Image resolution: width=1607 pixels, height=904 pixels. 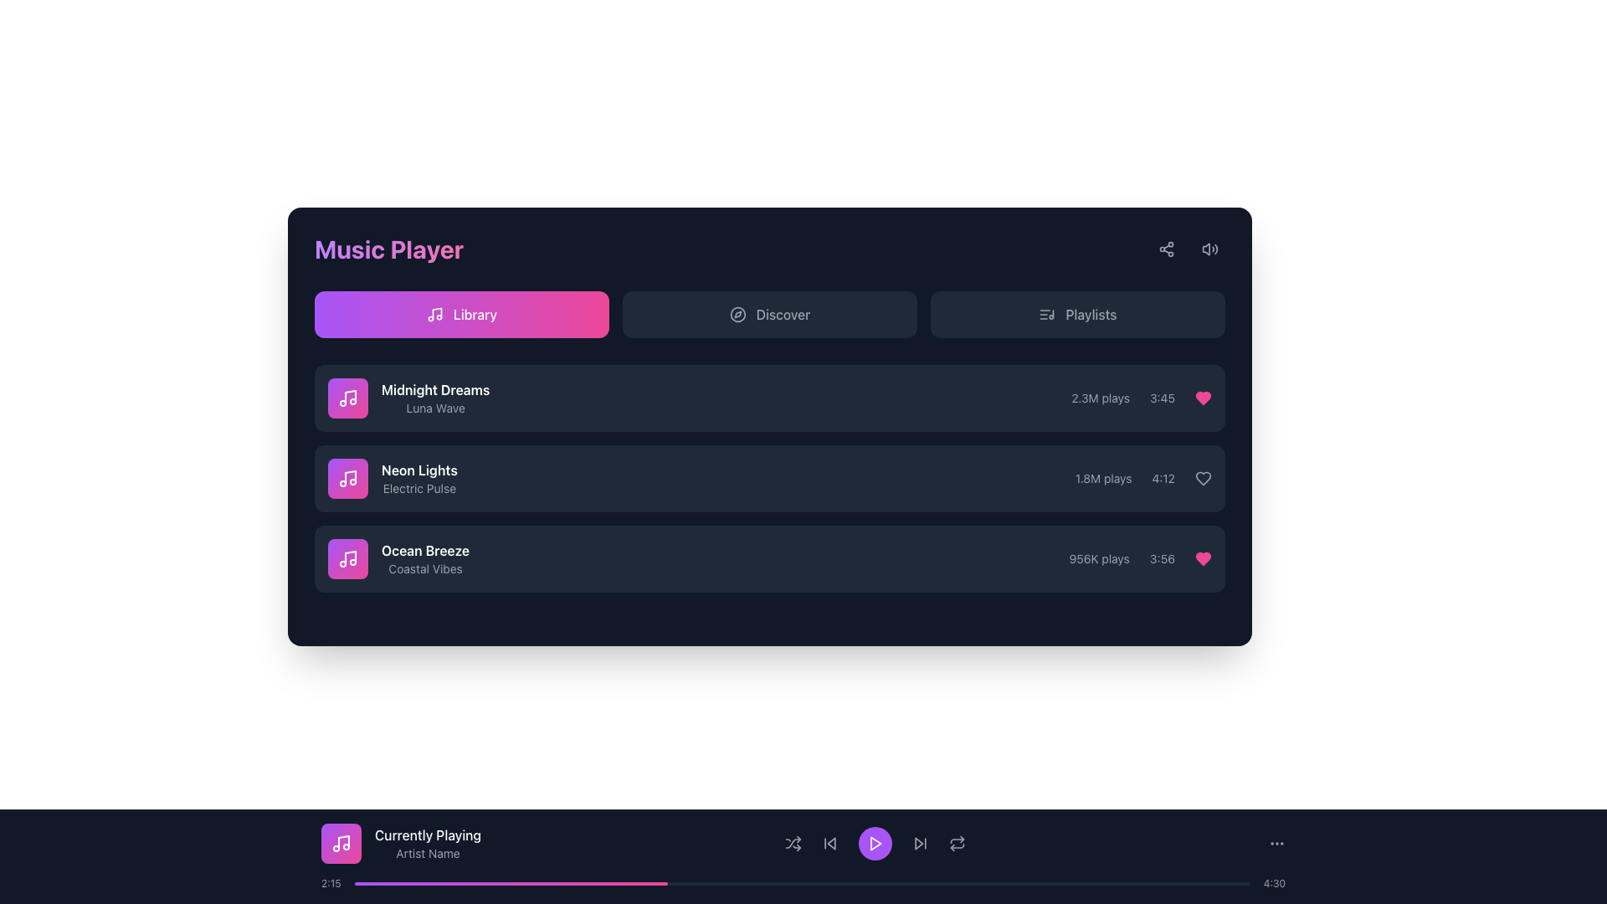 I want to click on the volume adjustment icon located in the top-right corner of the main interface panel, next to the sharing icon and above the song list, so click(x=1209, y=249).